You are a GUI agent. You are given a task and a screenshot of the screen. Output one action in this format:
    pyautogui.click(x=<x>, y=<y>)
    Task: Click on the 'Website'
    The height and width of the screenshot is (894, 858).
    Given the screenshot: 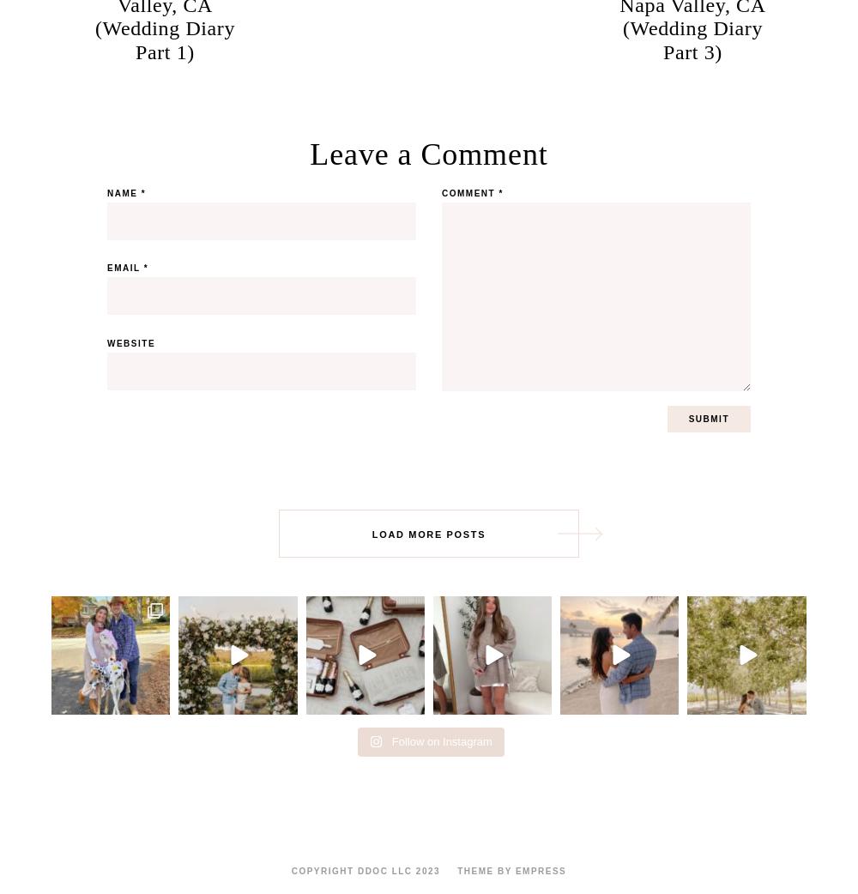 What is the action you would take?
    pyautogui.click(x=131, y=342)
    